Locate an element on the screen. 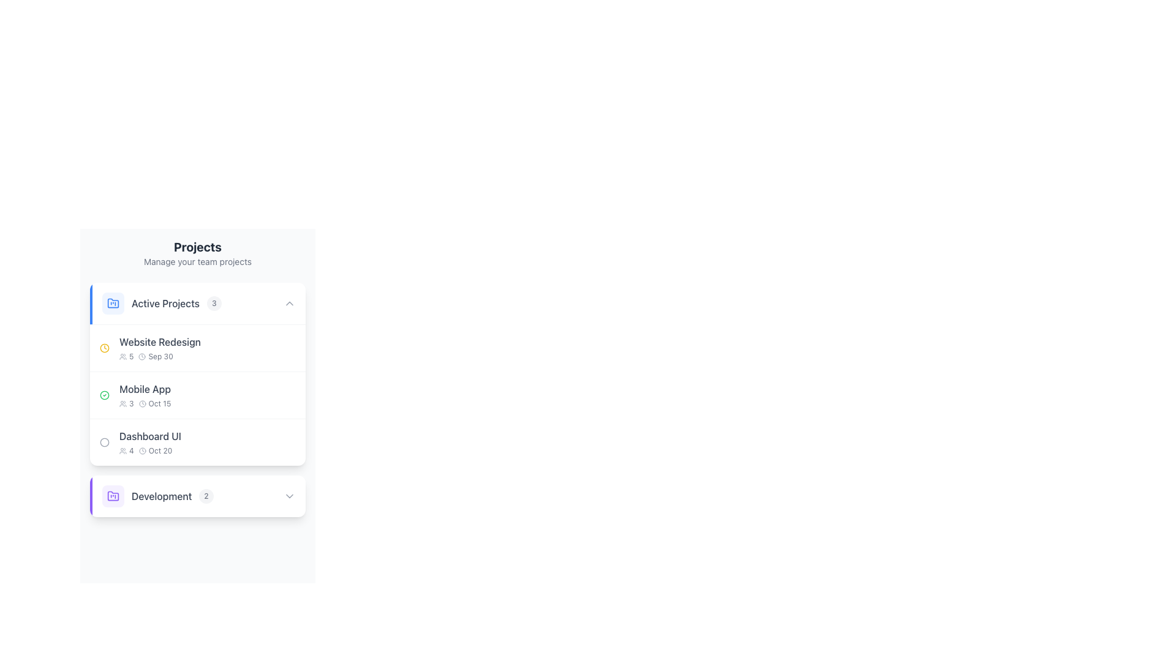 This screenshot has height=661, width=1176. date and number displayed in the Text and Icon Combination element, which shows '5 Sep 30' in gray font below 'Website Redesign' is located at coordinates (159, 356).